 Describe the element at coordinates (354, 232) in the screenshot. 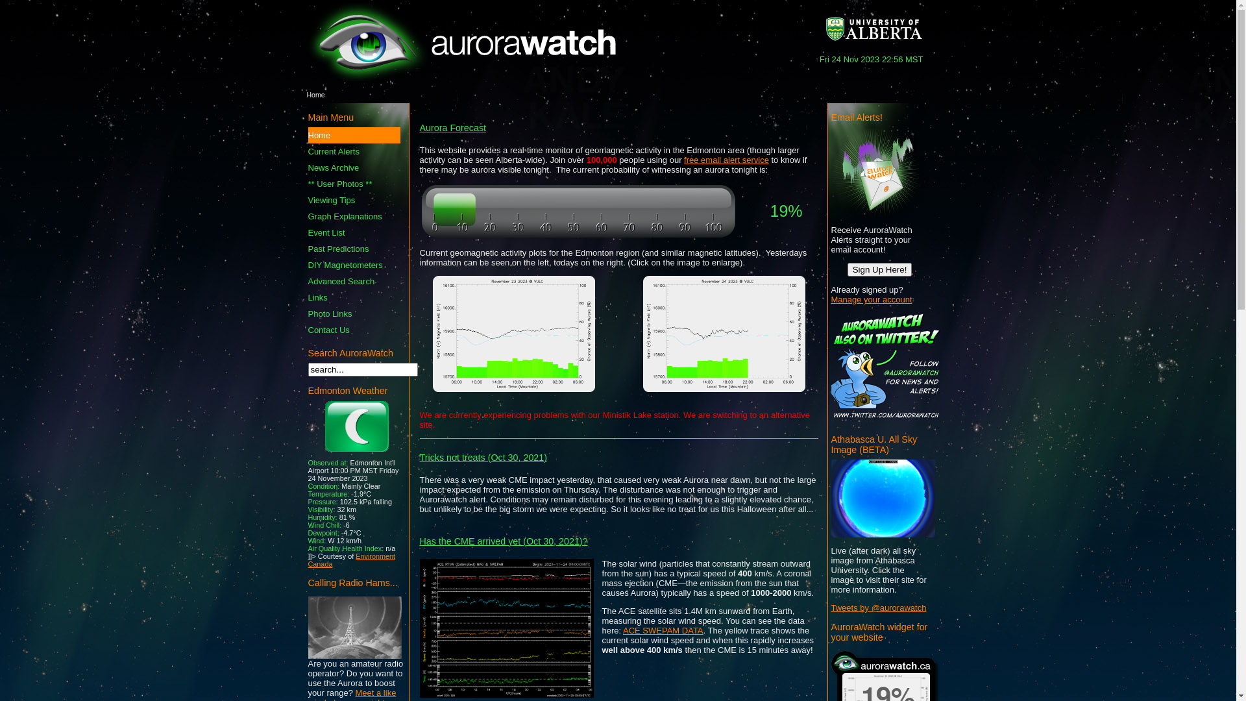

I see `'Event List'` at that location.